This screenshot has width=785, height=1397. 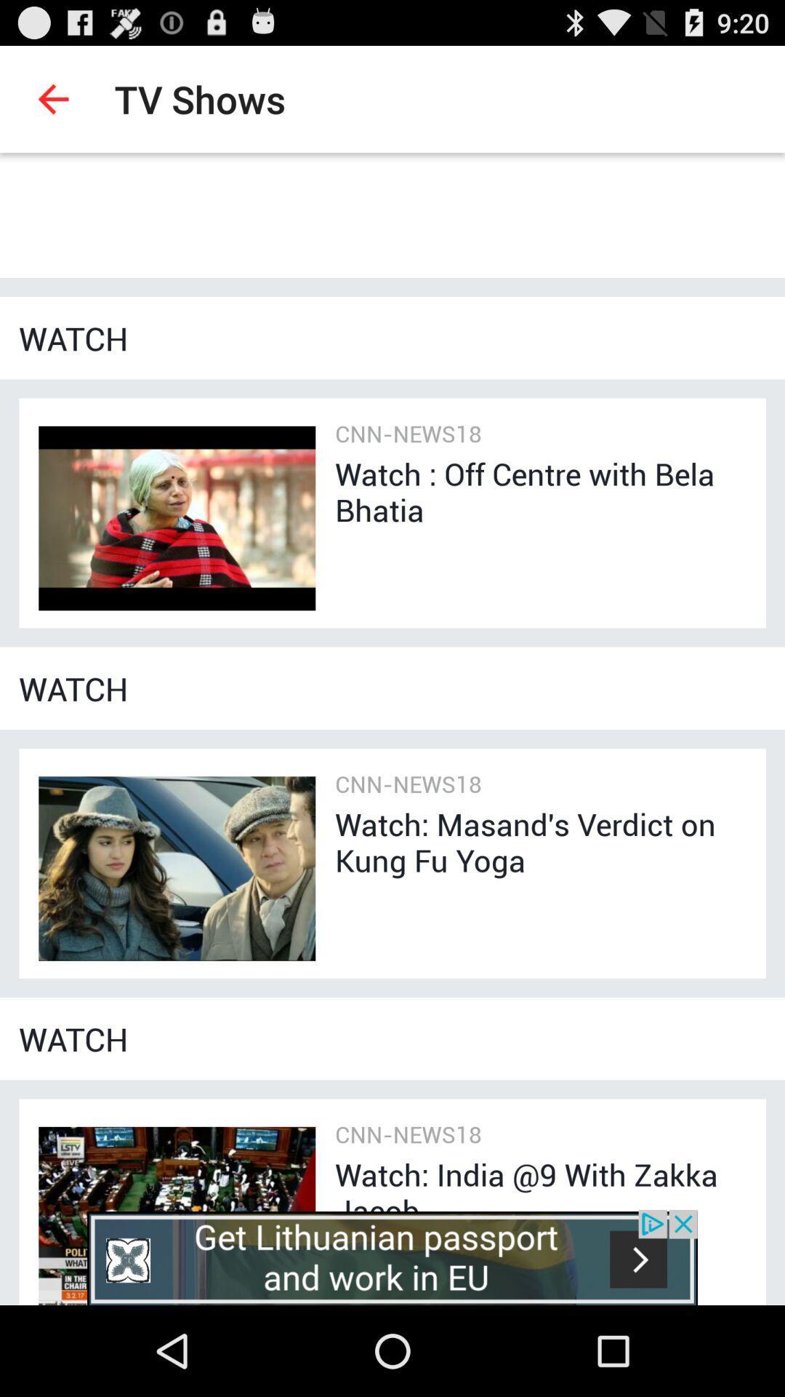 What do you see at coordinates (392, 1257) in the screenshot?
I see `advertisement bar` at bounding box center [392, 1257].